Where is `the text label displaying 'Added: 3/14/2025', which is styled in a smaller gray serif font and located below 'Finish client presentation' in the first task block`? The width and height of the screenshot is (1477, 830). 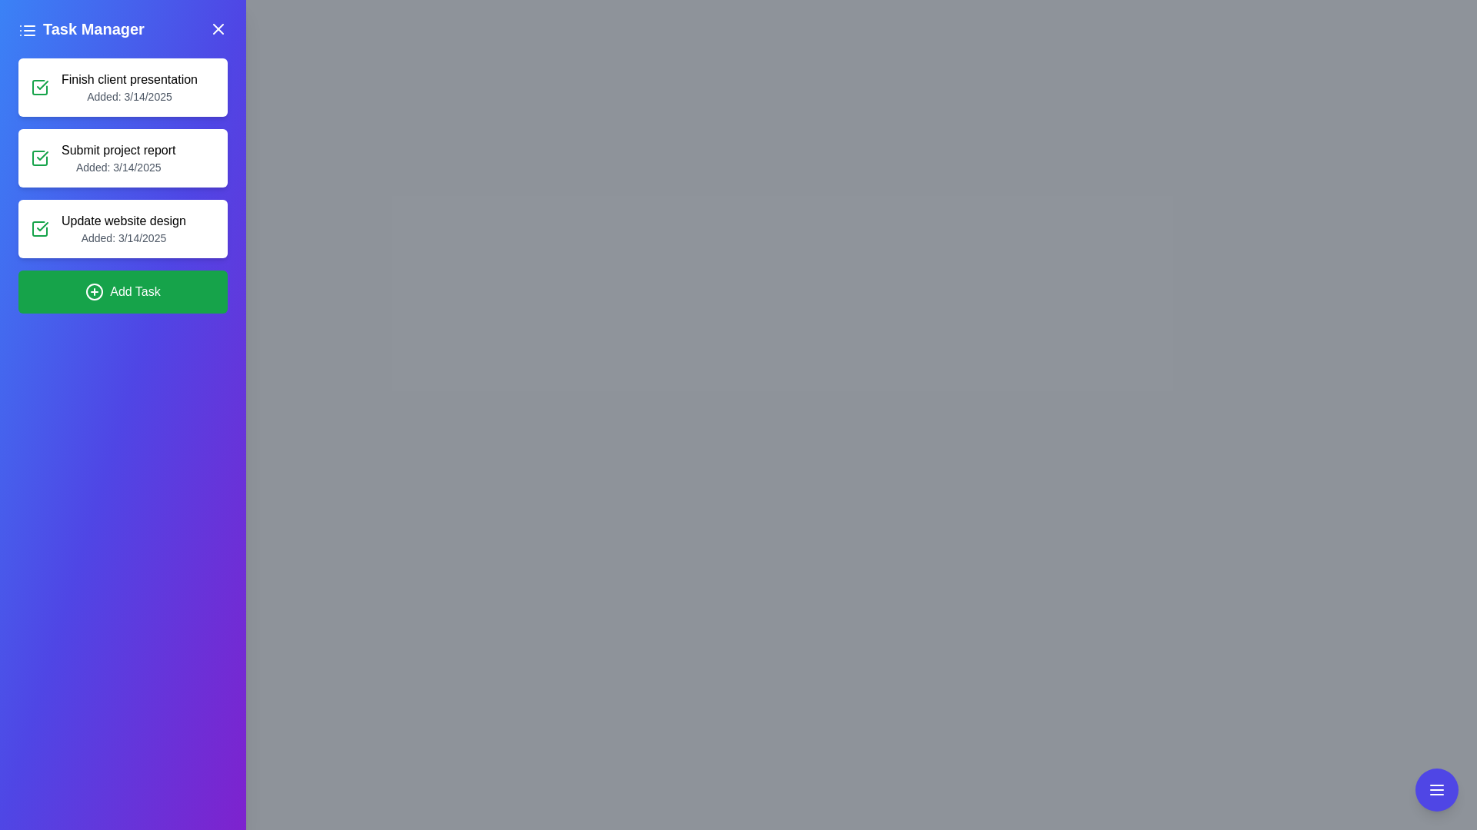
the text label displaying 'Added: 3/14/2025', which is styled in a smaller gray serif font and located below 'Finish client presentation' in the first task block is located at coordinates (129, 97).